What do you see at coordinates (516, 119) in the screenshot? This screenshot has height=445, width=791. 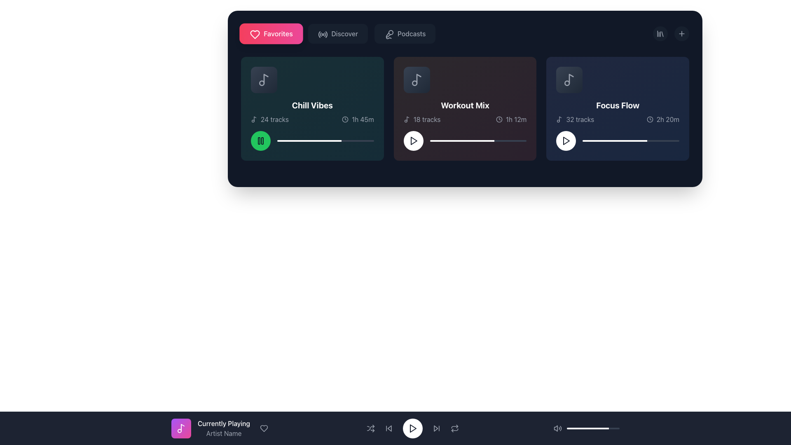 I see `duration information from the static text label located within the 'Workout Mix' card, positioned to the right of the clock icon` at bounding box center [516, 119].